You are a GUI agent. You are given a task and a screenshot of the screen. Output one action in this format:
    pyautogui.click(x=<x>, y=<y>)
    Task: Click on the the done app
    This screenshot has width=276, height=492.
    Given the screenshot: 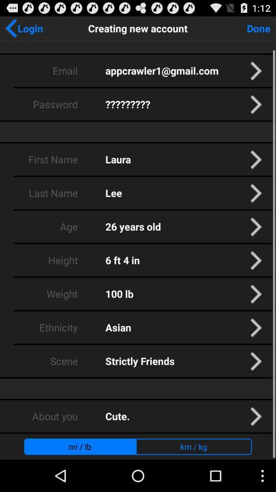 What is the action you would take?
    pyautogui.click(x=258, y=27)
    